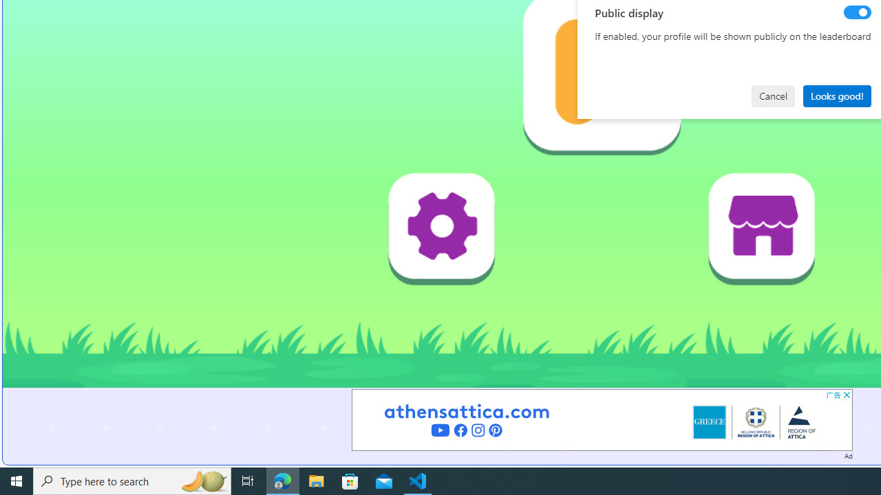  I want to click on 'AutomationID: cbb', so click(846, 395).